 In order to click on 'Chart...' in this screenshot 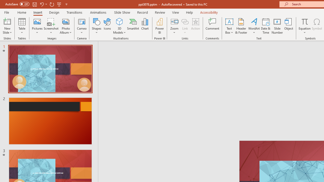, I will do `click(145, 26)`.